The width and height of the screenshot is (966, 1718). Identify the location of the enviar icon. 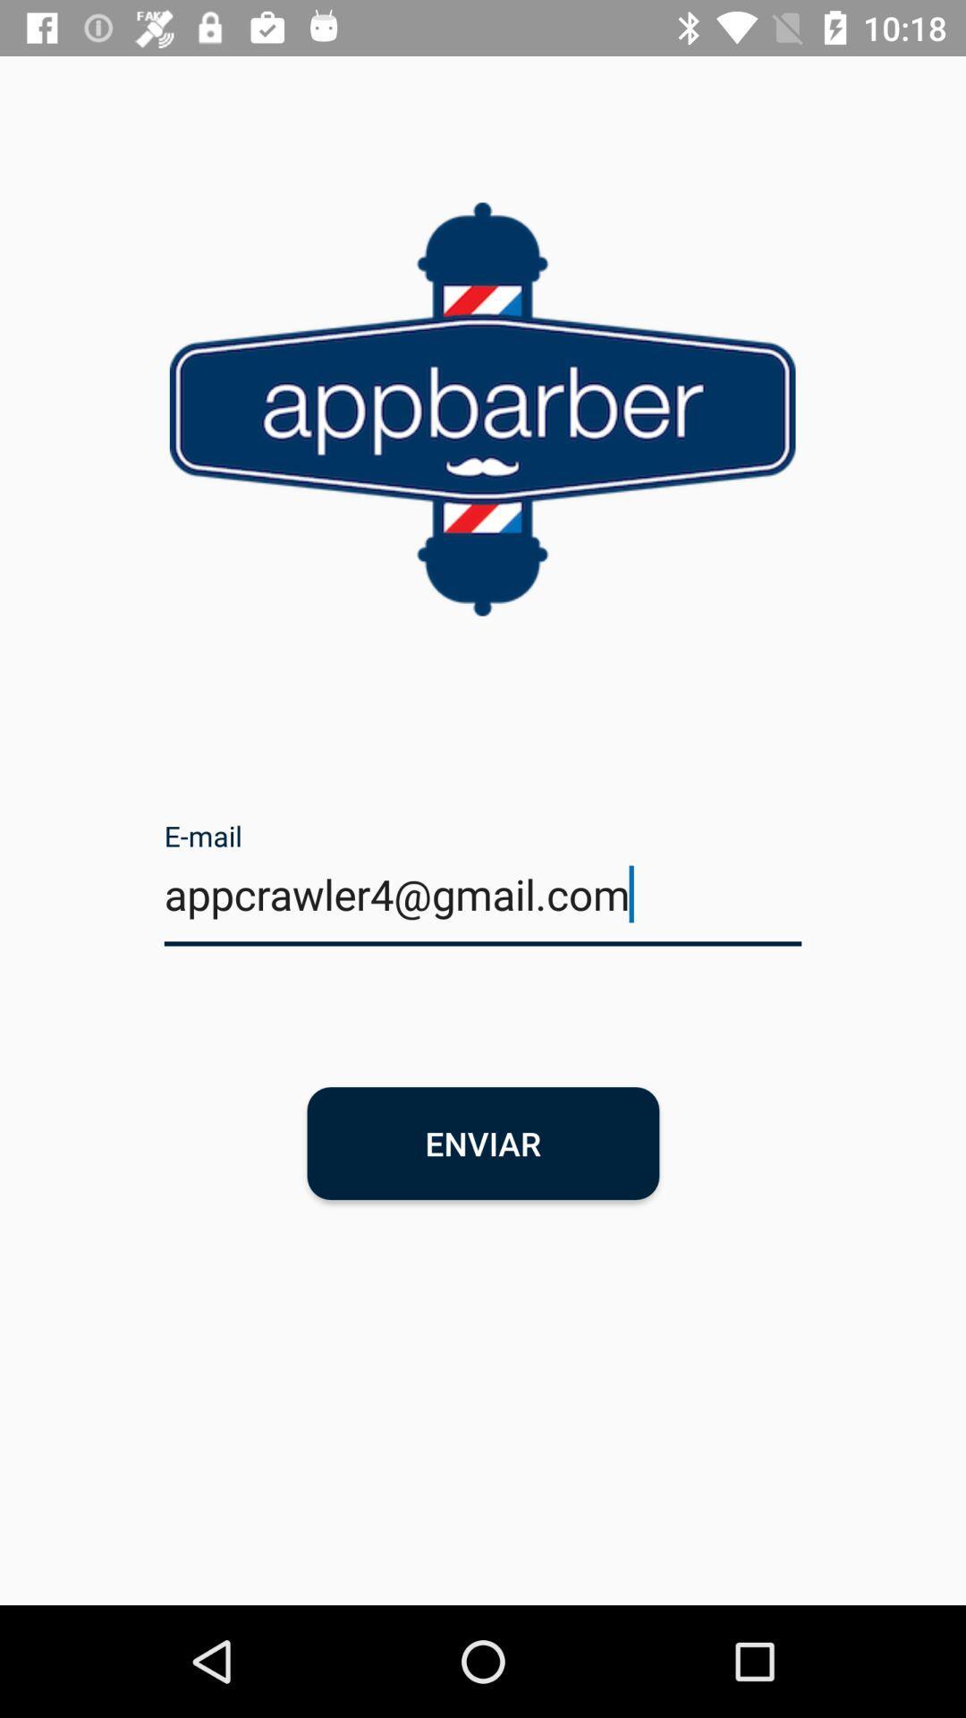
(483, 1142).